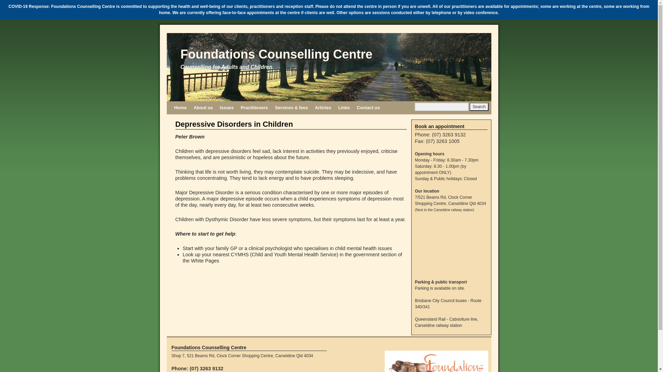  Describe the element at coordinates (180, 107) in the screenshot. I see `'Home'` at that location.